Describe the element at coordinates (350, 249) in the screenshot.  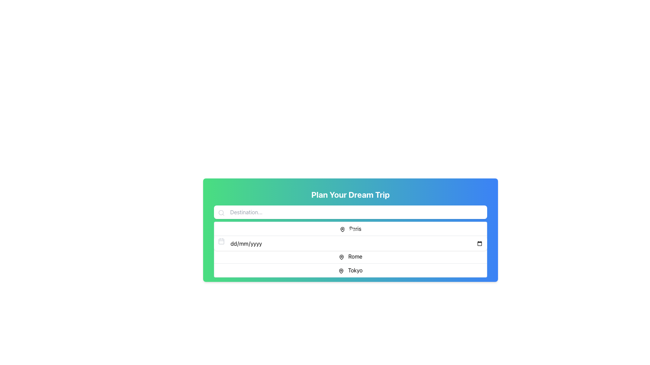
I see `the dropdown menu option` at that location.